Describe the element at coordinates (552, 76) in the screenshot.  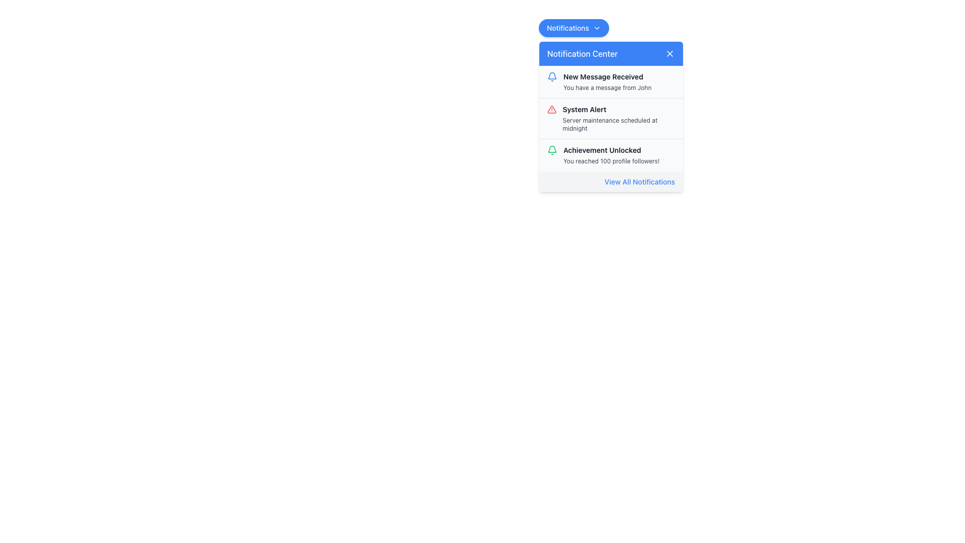
I see `the blue bell icon representing a notification, located next to the text 'New Message Received' in the top-left corner of the first notification item` at that location.